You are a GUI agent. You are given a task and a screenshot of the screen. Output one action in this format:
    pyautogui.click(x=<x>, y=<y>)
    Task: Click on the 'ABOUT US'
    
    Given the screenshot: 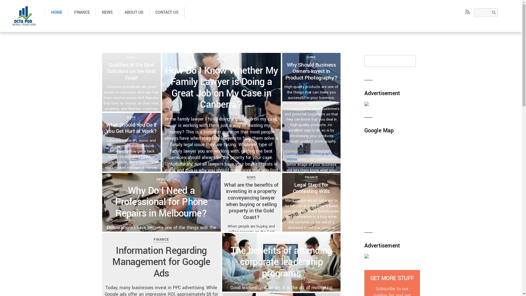 What is the action you would take?
    pyautogui.click(x=134, y=12)
    